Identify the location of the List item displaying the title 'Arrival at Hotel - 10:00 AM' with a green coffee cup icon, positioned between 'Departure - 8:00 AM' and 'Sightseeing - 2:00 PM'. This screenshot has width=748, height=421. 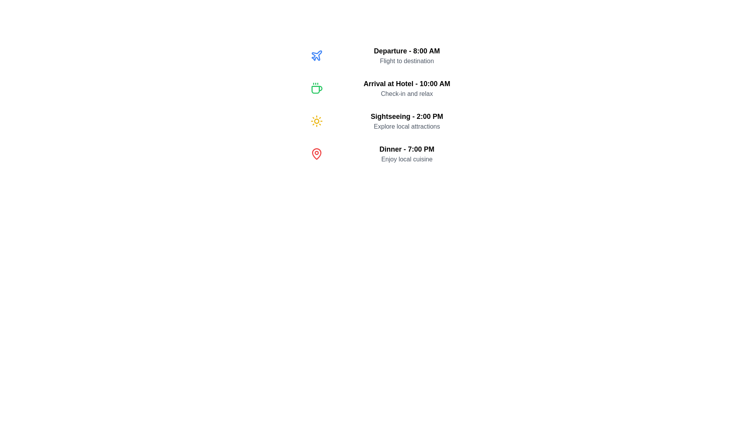
(397, 88).